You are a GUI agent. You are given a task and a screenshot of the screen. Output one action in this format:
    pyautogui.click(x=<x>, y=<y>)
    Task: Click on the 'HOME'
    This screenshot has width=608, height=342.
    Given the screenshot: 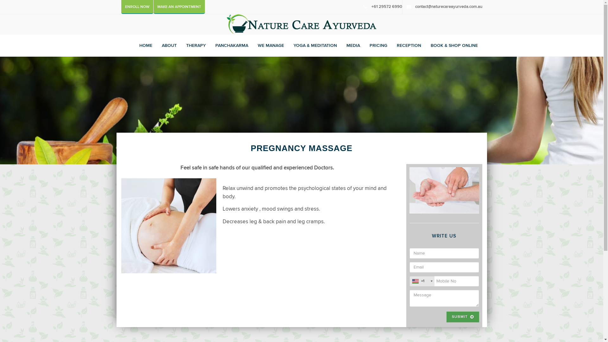 What is the action you would take?
    pyautogui.click(x=145, y=45)
    